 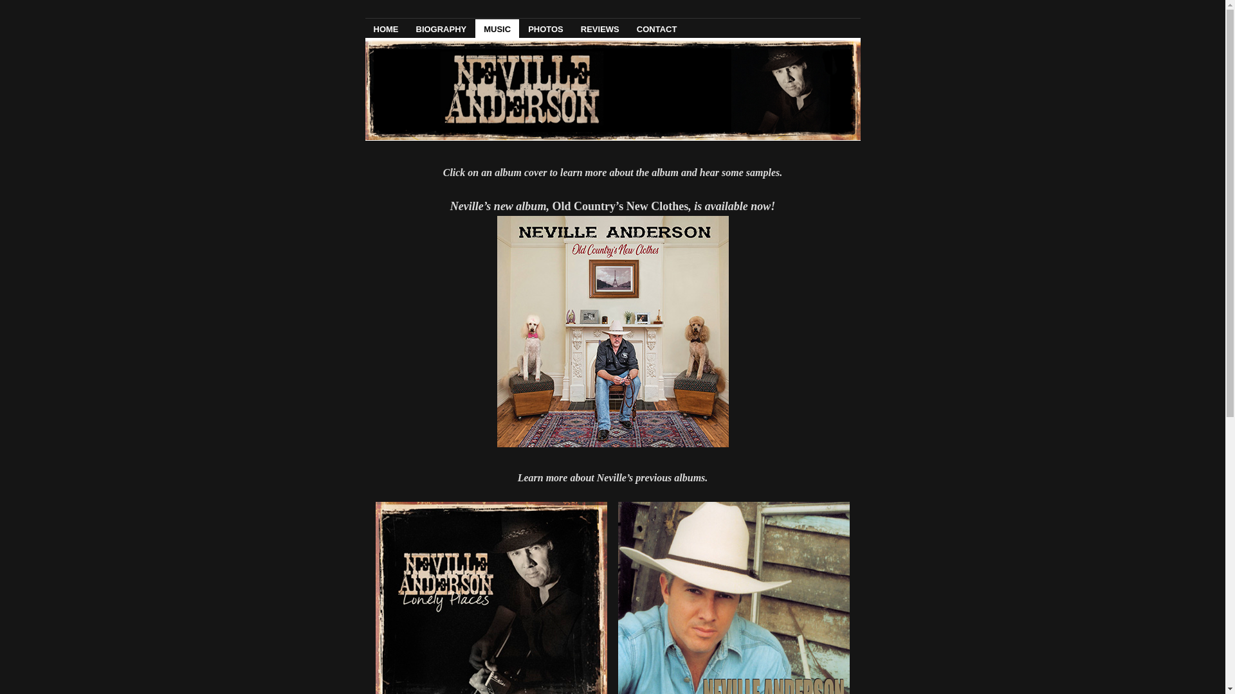 What do you see at coordinates (496, 28) in the screenshot?
I see `'MUSIC'` at bounding box center [496, 28].